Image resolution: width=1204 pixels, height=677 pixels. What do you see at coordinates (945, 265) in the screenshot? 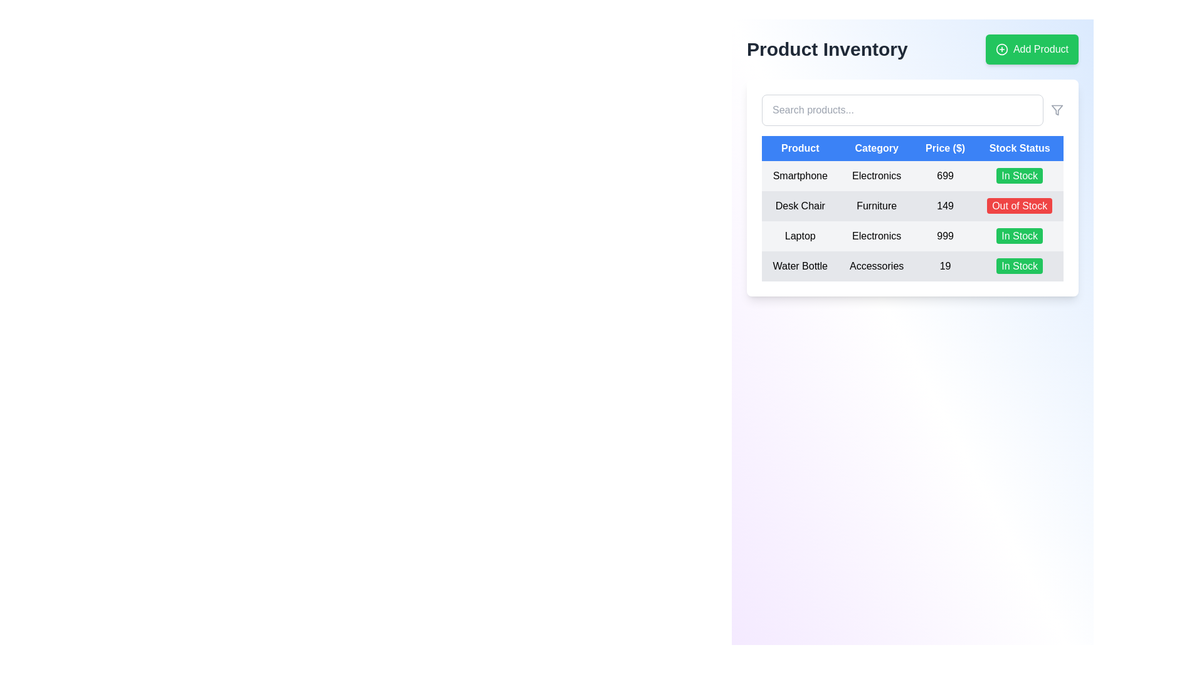
I see `the price display for the 'Water Bottle', which shows '19' in the third column under 'Price ($)' adjacent to 'Accessories' and 'In Stock'` at bounding box center [945, 265].